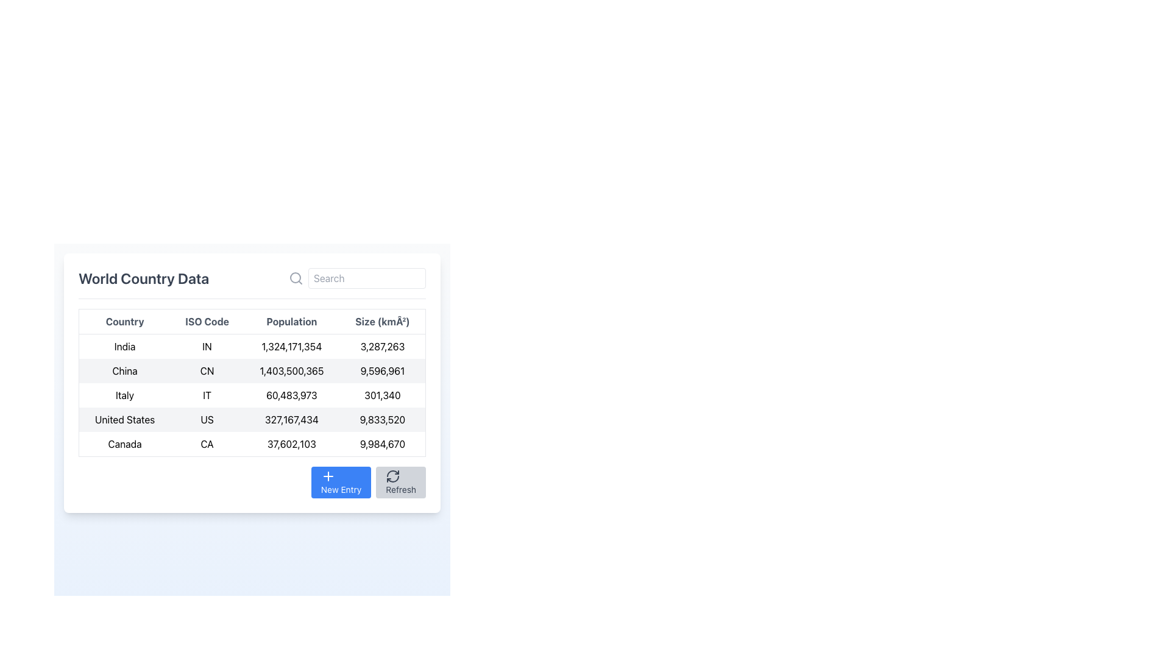  Describe the element at coordinates (251, 395) in the screenshot. I see `the third row of the table containing population and size information for Italy, which includes its ISO code 'IT'` at that location.